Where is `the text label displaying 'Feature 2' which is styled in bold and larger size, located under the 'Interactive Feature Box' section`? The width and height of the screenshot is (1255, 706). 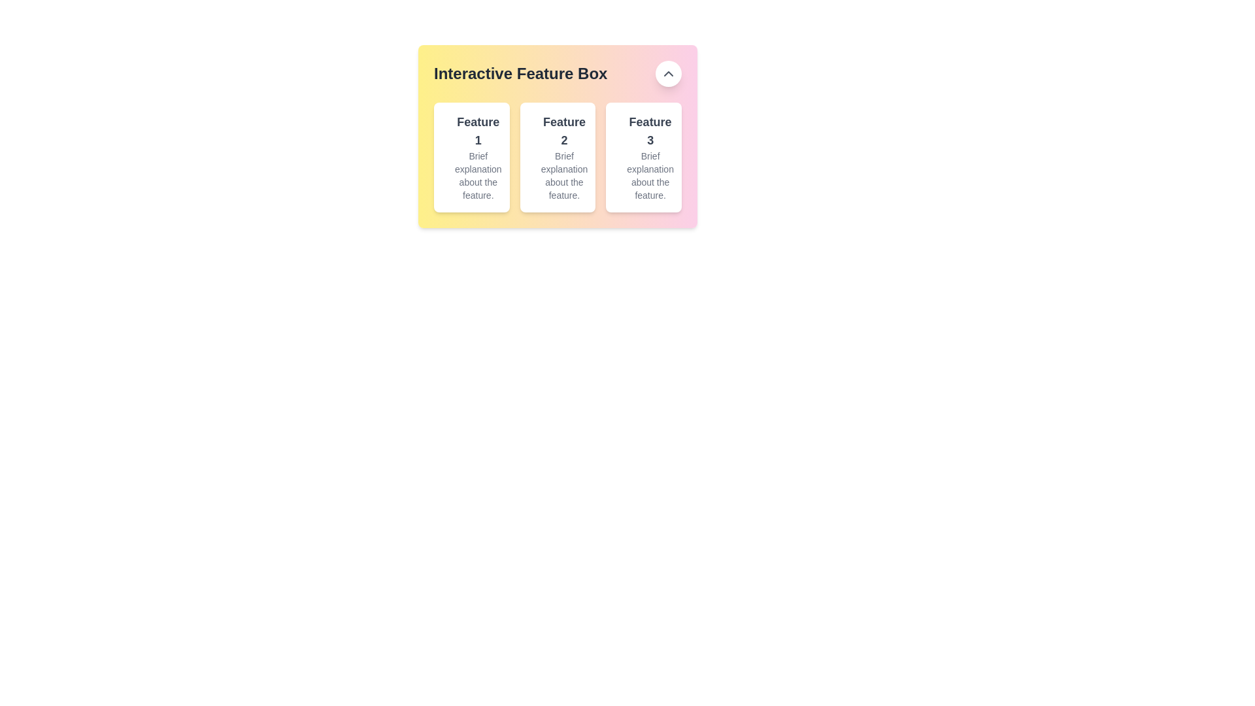 the text label displaying 'Feature 2' which is styled in bold and larger size, located under the 'Interactive Feature Box' section is located at coordinates (564, 131).